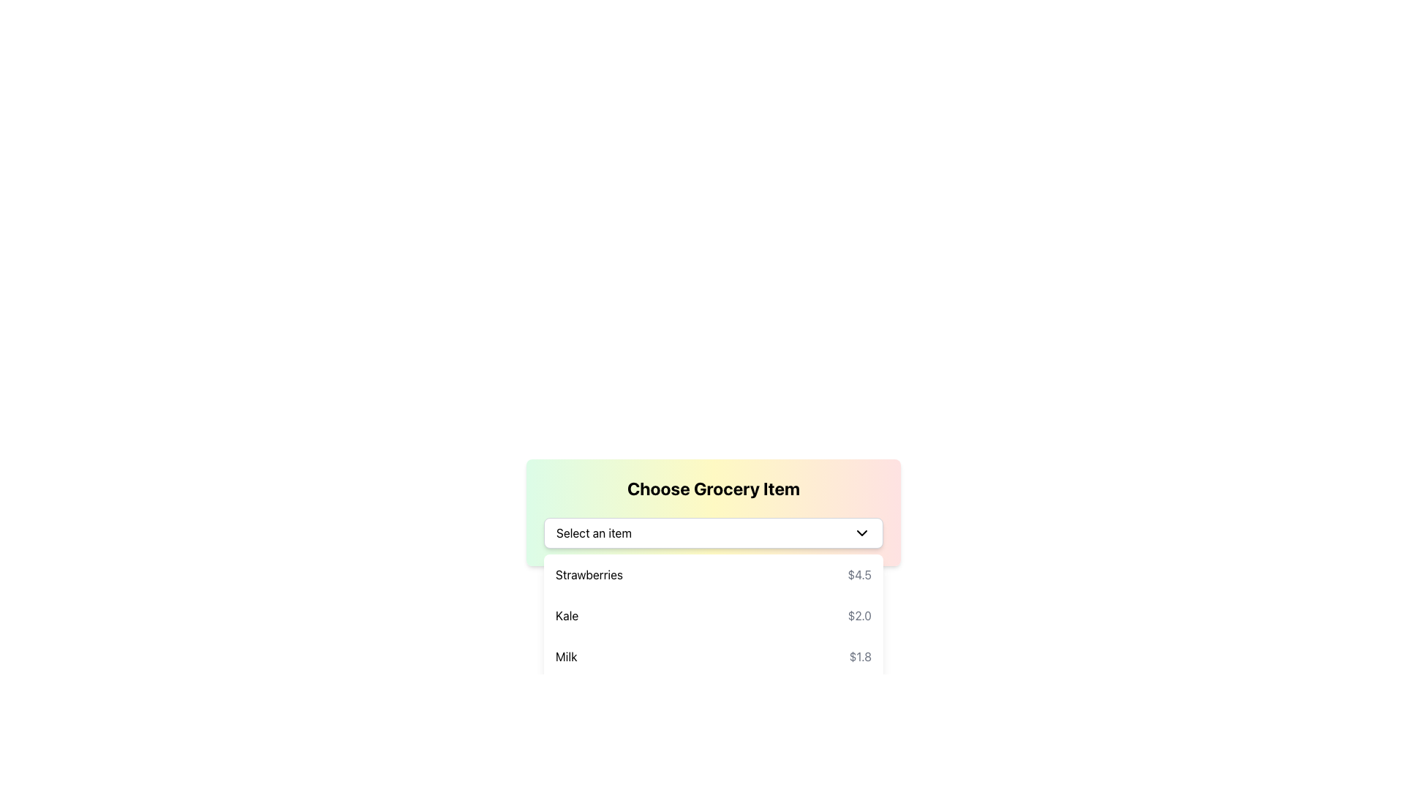 The image size is (1404, 790). What do you see at coordinates (713, 533) in the screenshot?
I see `the dropdown menu for selecting grocery items located under the title 'Choose Grocery Item'` at bounding box center [713, 533].